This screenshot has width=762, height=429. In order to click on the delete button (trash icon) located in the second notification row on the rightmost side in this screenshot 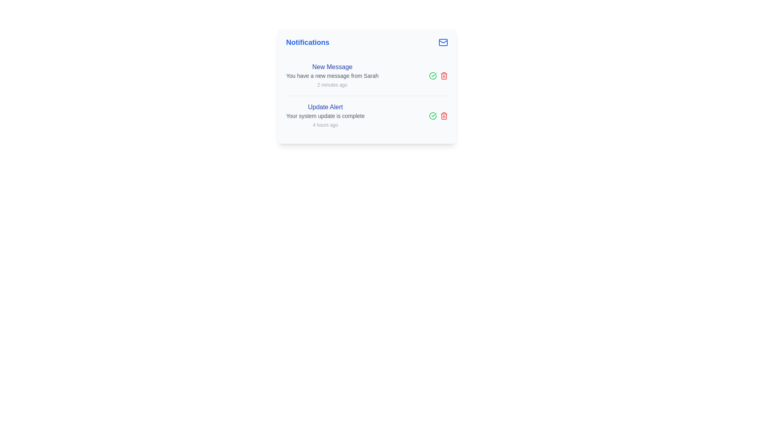, I will do `click(443, 76)`.